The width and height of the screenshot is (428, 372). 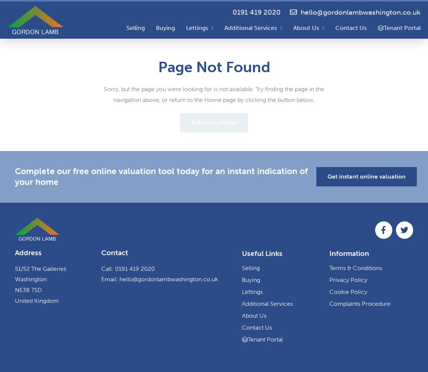 I want to click on 'hello@gordonlambwashington.co.uk', so click(x=358, y=12).